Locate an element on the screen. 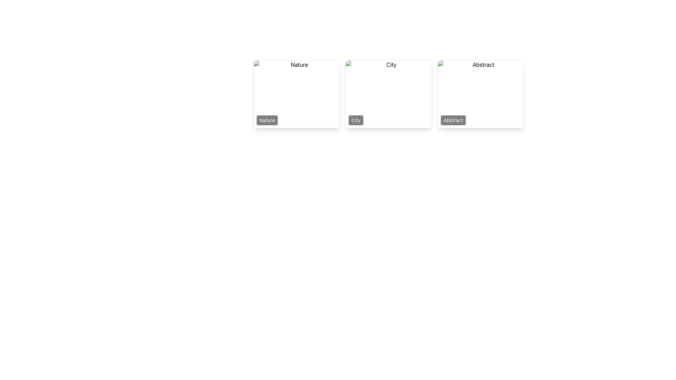 This screenshot has width=676, height=380. the 'City' card in the grid layout, which is the second card positioned between 'Nature' and 'Abstract' is located at coordinates (388, 94).